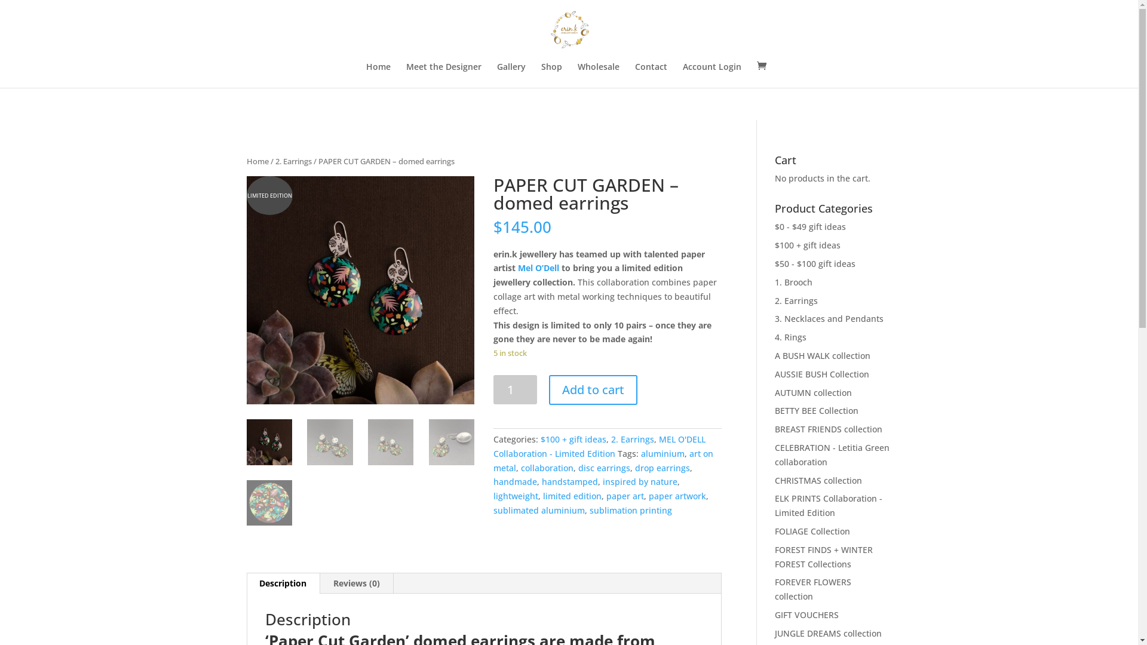  Describe the element at coordinates (630, 510) in the screenshot. I see `'sublimation printing'` at that location.